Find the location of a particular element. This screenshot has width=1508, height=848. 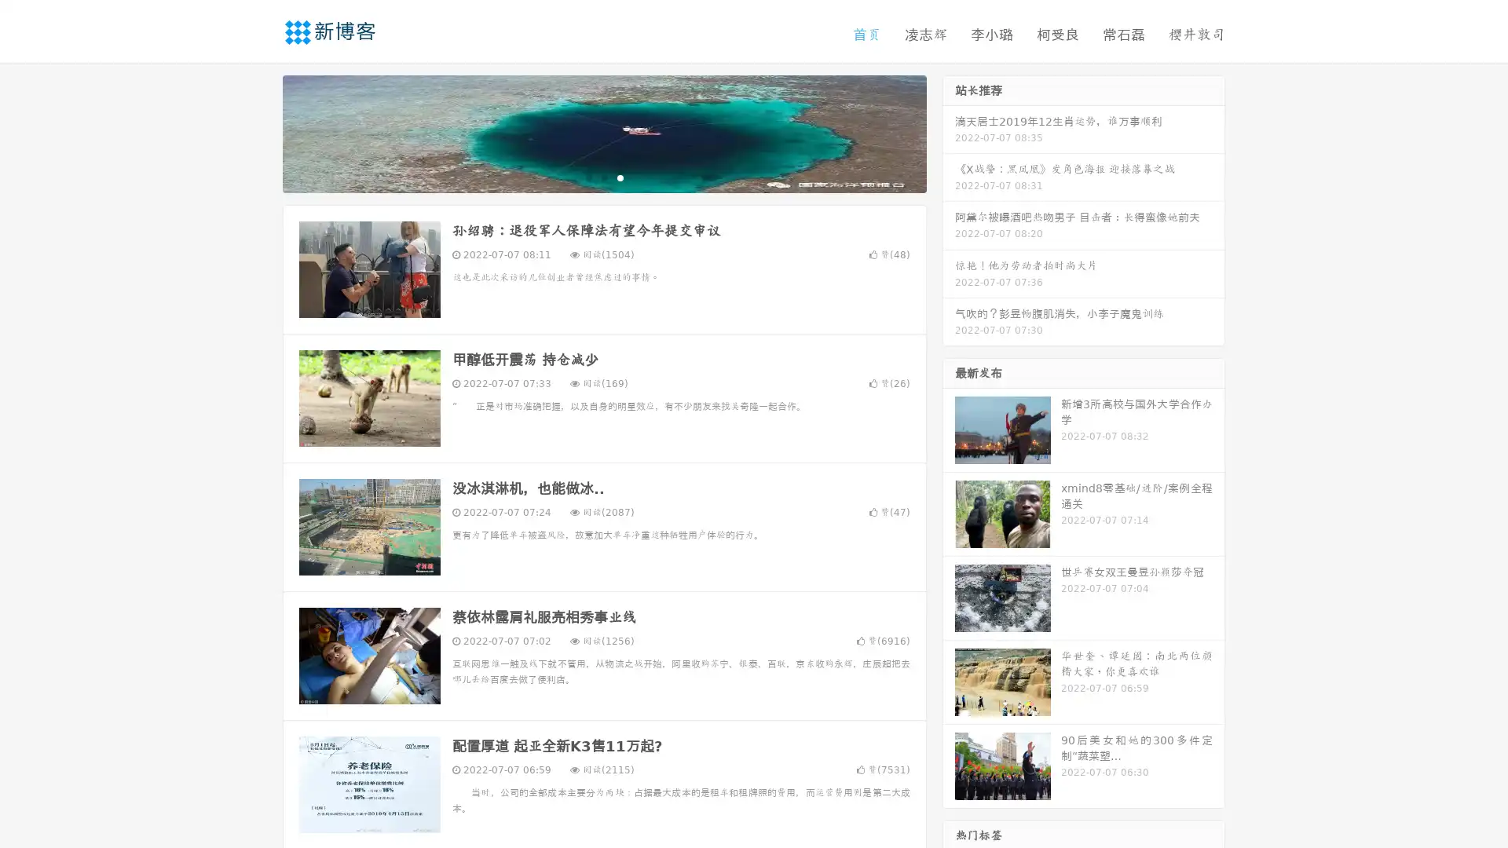

Go to slide 2 is located at coordinates (603, 177).